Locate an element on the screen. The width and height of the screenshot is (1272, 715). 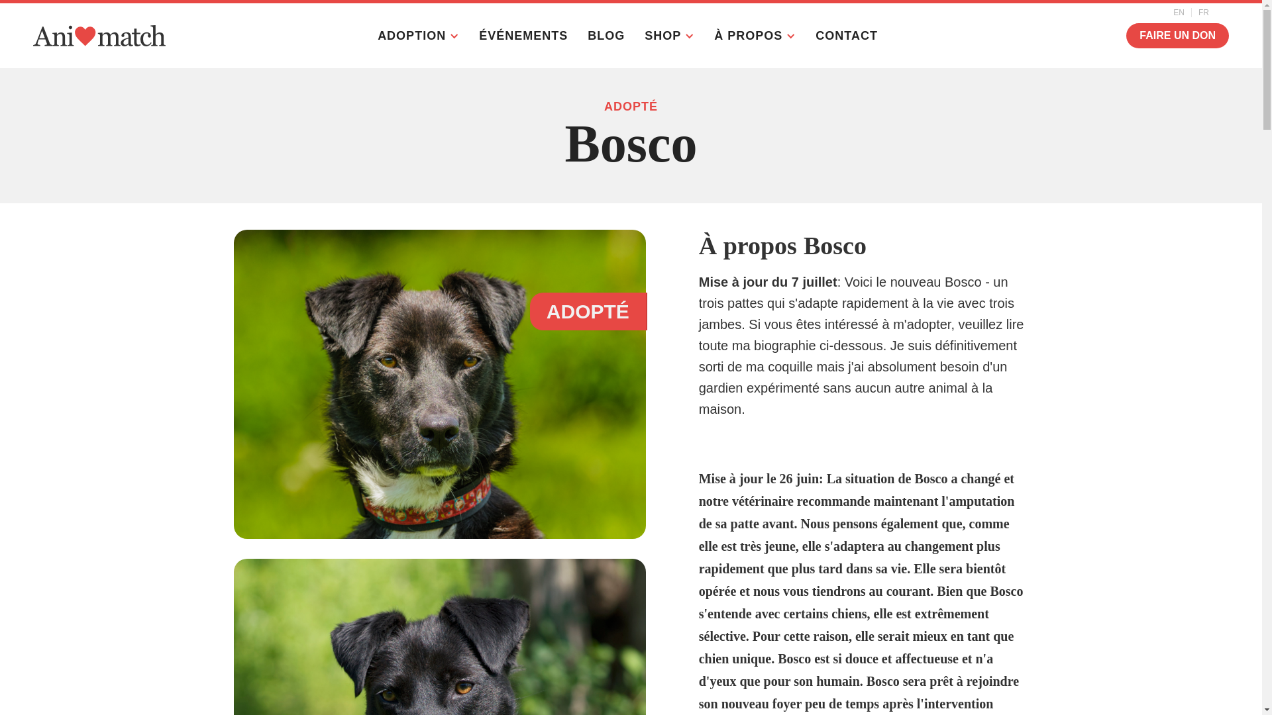
'EN' is located at coordinates (1167, 13).